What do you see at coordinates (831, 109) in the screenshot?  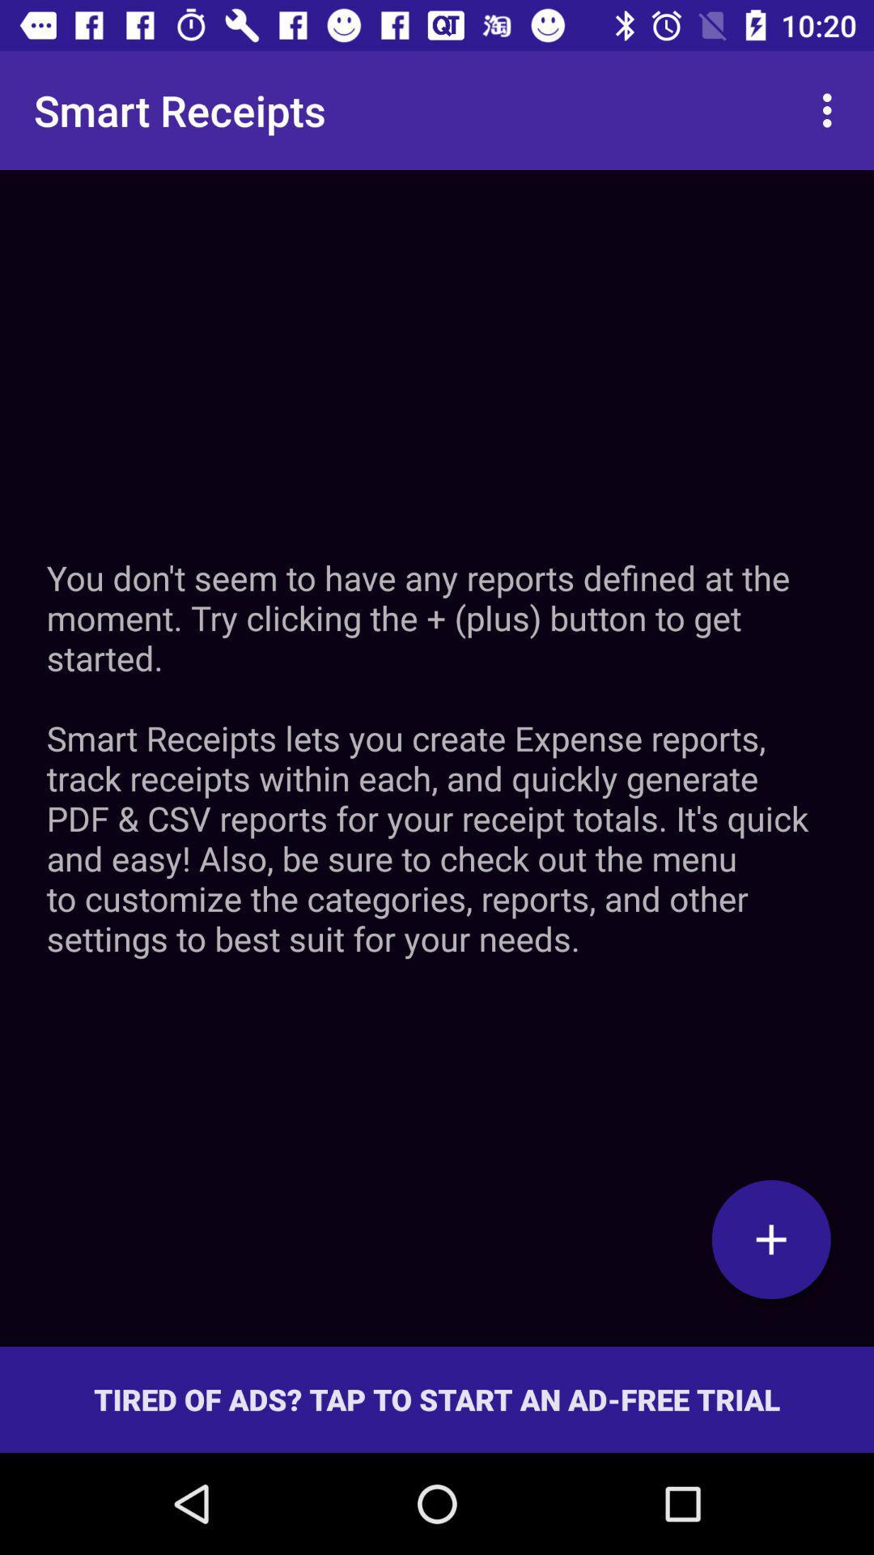 I see `item to the right of smart receipts icon` at bounding box center [831, 109].